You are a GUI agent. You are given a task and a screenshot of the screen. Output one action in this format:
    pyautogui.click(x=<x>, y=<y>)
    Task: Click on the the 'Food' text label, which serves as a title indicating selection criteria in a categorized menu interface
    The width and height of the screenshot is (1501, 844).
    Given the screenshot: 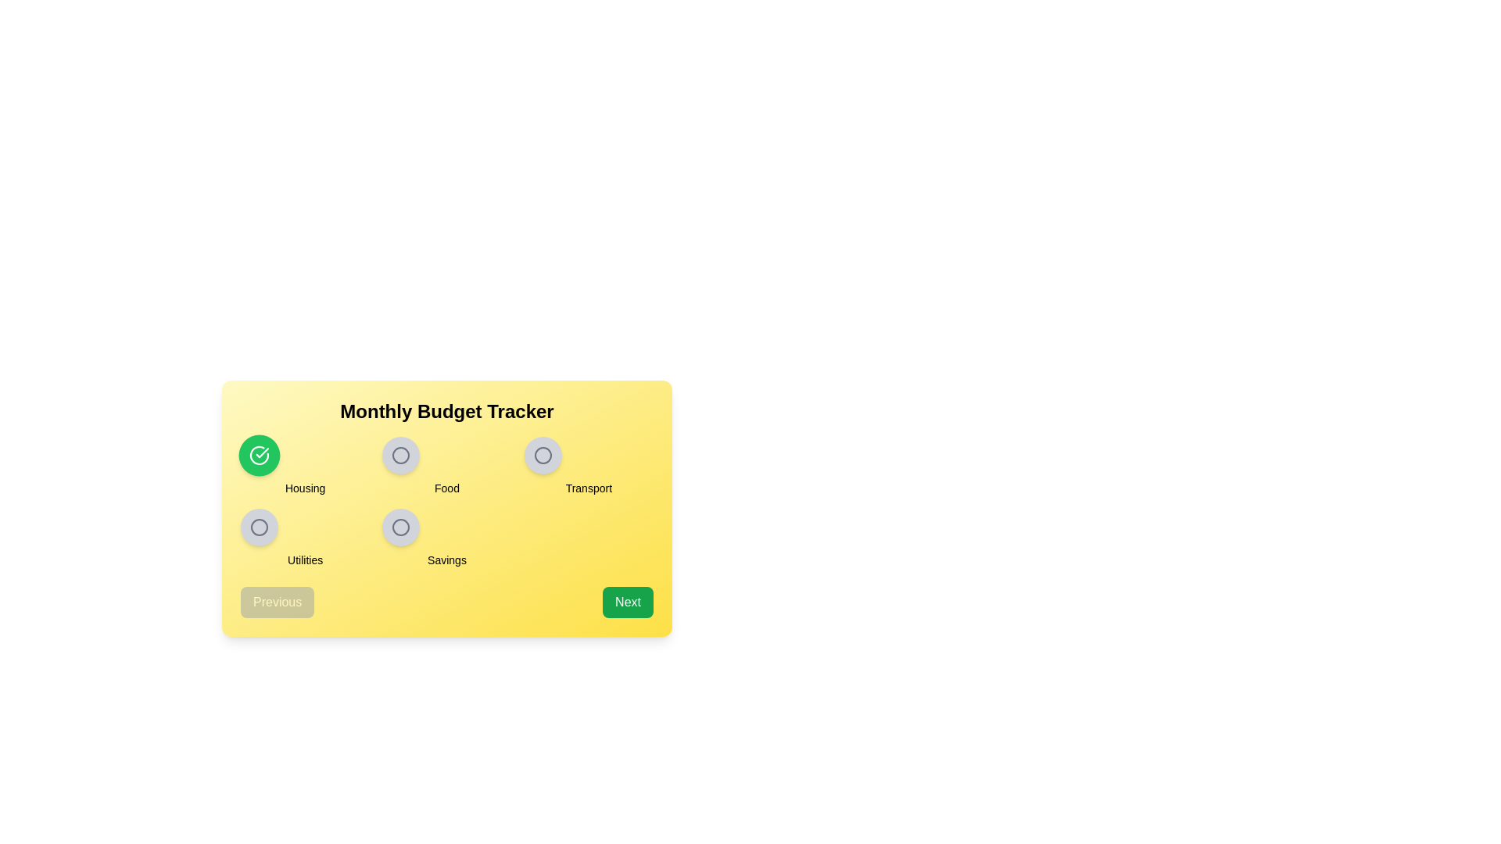 What is the action you would take?
    pyautogui.click(x=446, y=487)
    